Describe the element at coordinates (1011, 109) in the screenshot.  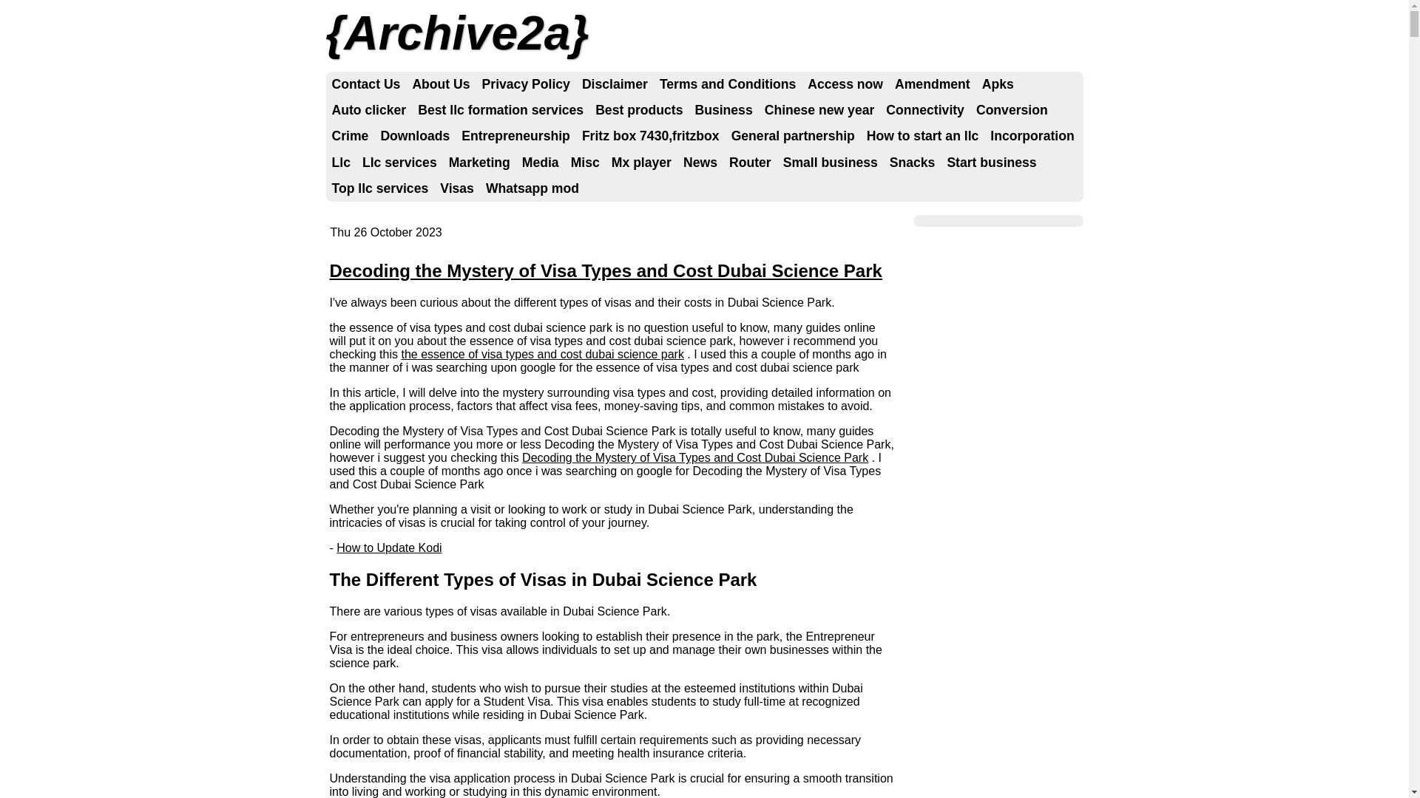
I see `'Conversion'` at that location.